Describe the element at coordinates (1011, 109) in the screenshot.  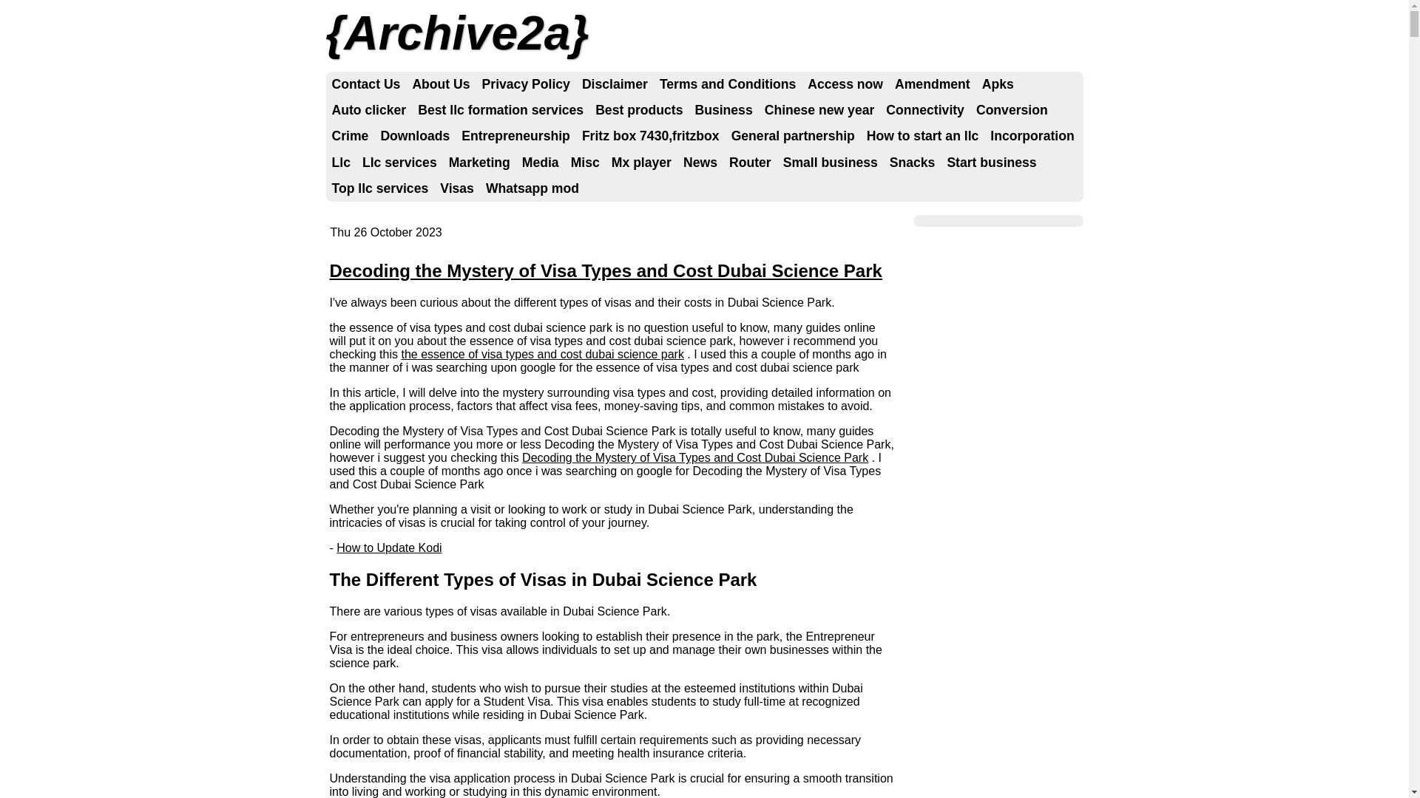
I see `'Conversion'` at that location.